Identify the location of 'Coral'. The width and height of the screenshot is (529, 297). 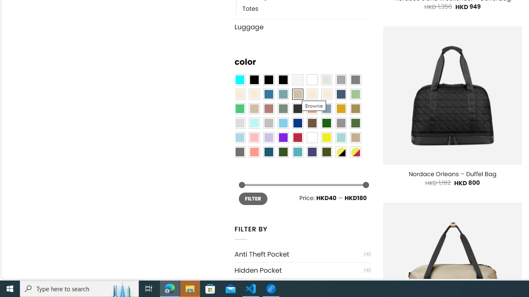
(312, 108).